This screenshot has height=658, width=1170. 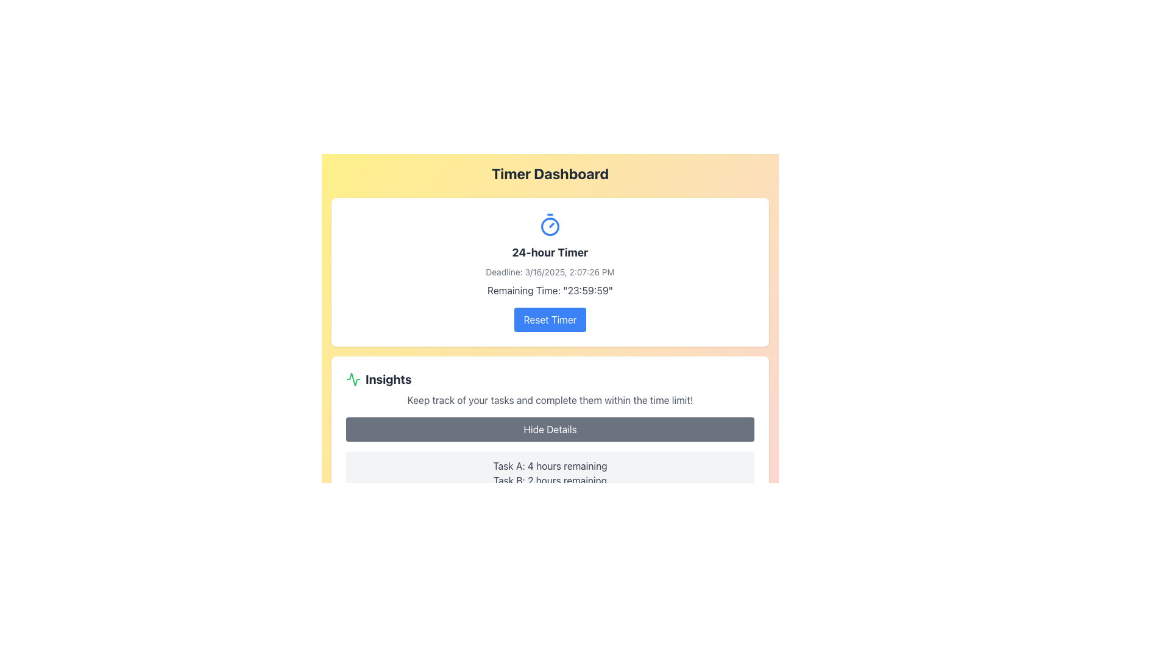 What do you see at coordinates (549, 252) in the screenshot?
I see `the text label reading '24-hour Timer', which is styled with a bold and large font in dark gray, located beneath the circular timer icon` at bounding box center [549, 252].